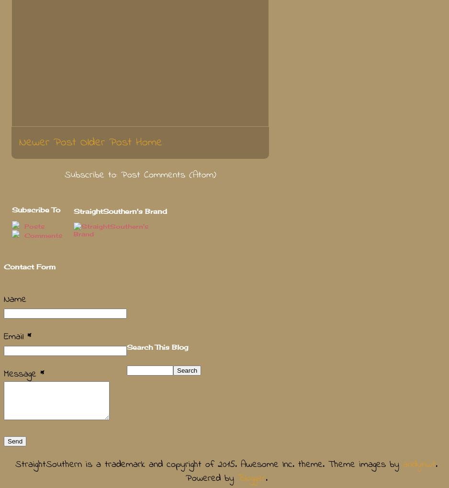 This screenshot has width=449, height=488. I want to click on 'Posts', so click(33, 226).